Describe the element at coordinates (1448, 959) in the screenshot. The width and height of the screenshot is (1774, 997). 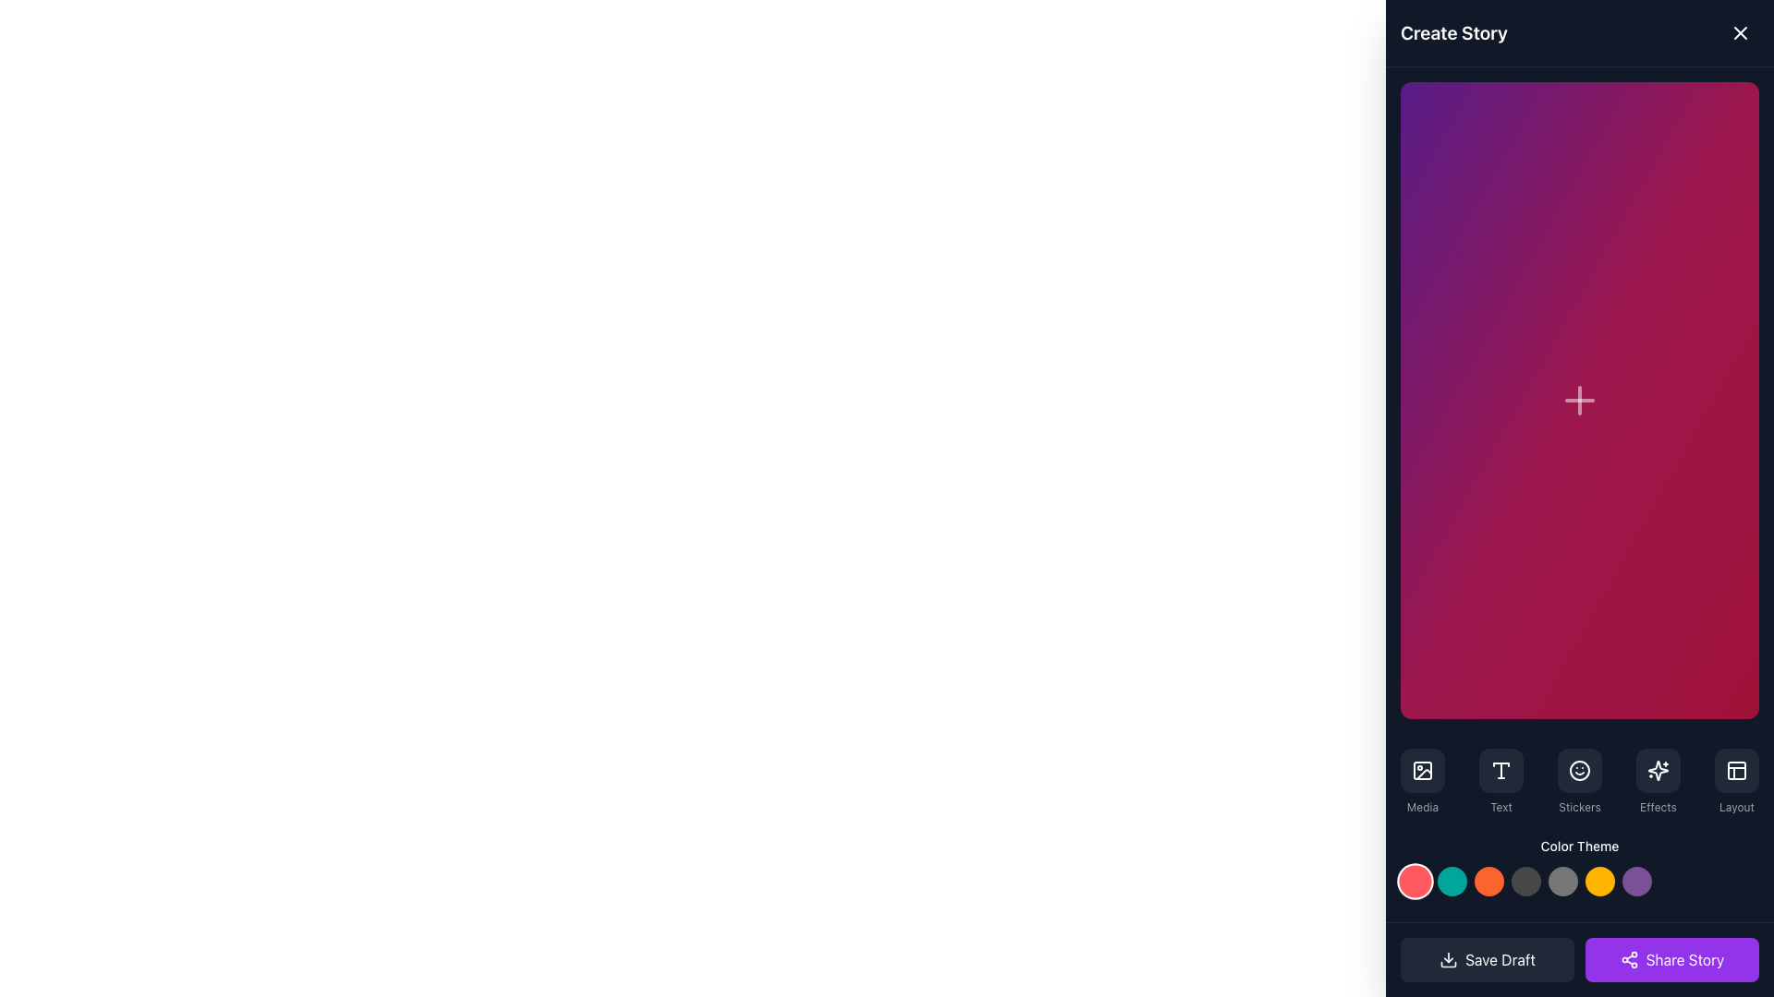
I see `the download icon, which is a downward arrow on a flat line, located within the 'Save Draft' button in the bottom-left area of the control bar` at that location.